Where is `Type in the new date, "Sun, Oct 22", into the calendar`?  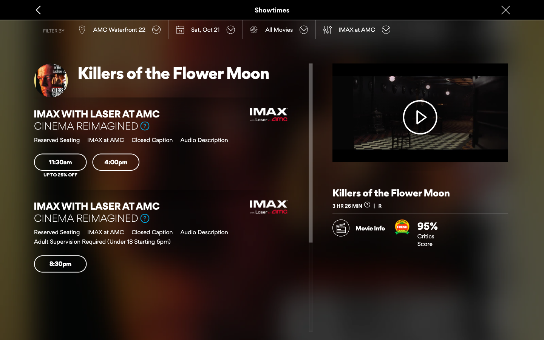 Type in the new date, "Sun, Oct 22", into the calendar is located at coordinates (205, 29).